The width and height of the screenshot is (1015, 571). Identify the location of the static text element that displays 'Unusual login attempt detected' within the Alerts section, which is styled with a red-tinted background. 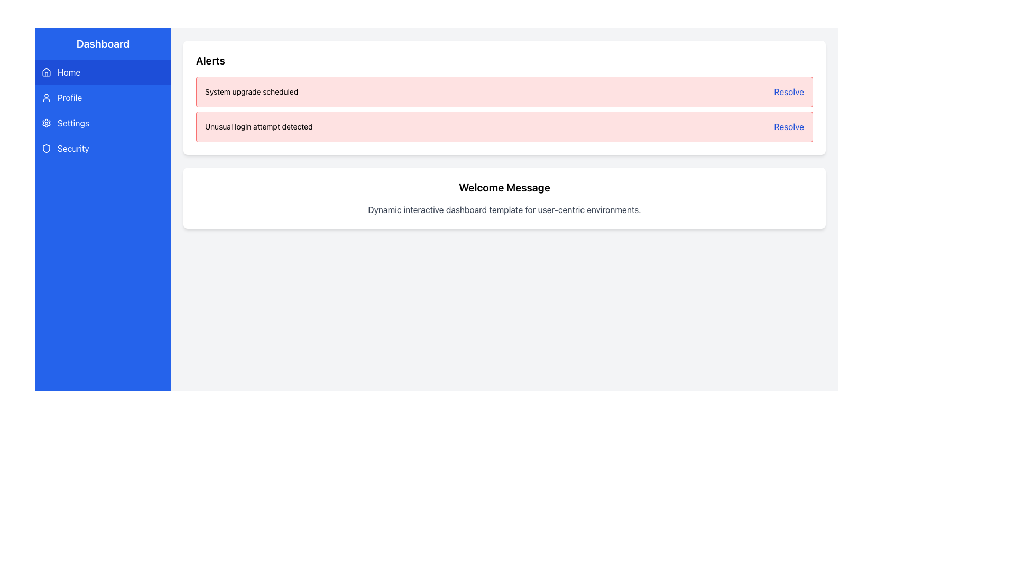
(259, 126).